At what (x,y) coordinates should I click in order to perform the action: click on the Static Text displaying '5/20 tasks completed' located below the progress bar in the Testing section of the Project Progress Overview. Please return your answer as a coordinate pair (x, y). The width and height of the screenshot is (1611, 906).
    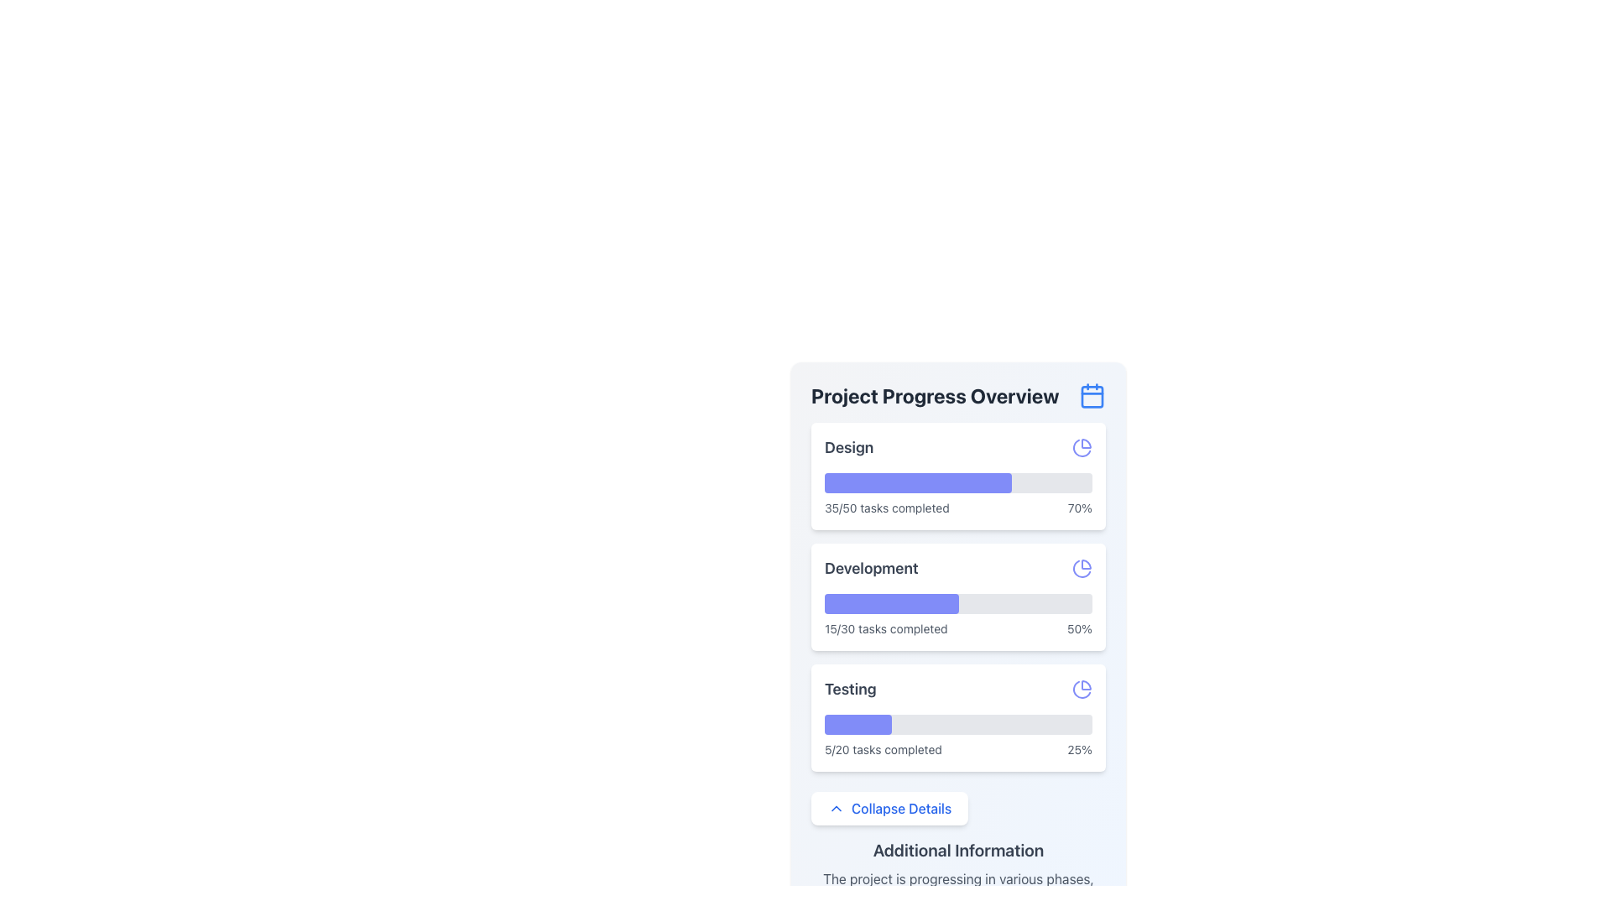
    Looking at the image, I should click on (882, 749).